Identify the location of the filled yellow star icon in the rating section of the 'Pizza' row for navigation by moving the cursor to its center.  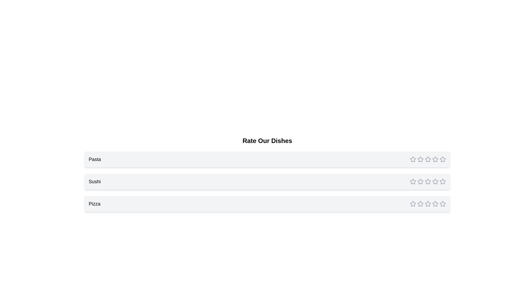
(413, 204).